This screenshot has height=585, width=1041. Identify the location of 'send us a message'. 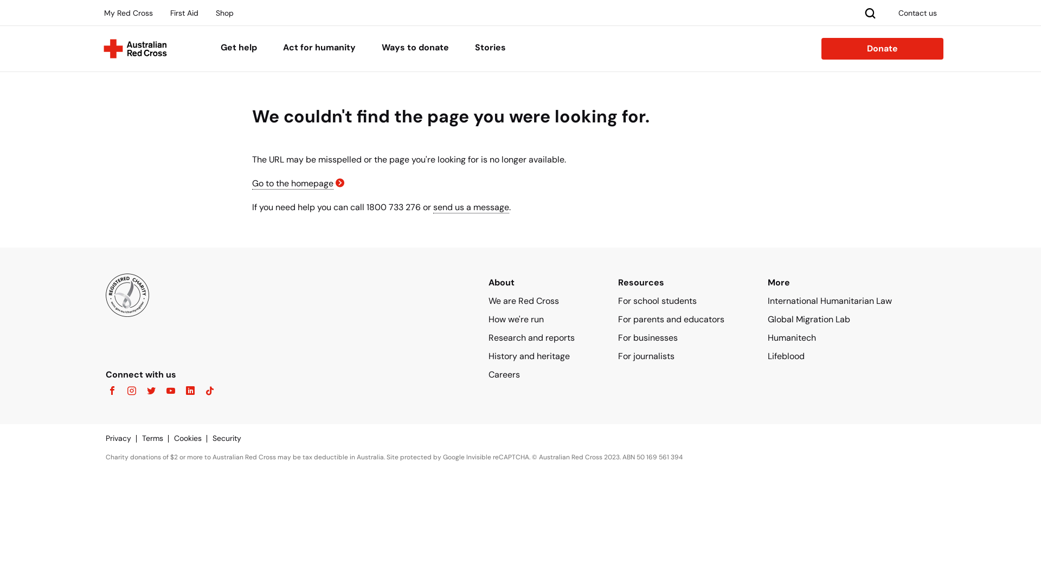
(471, 207).